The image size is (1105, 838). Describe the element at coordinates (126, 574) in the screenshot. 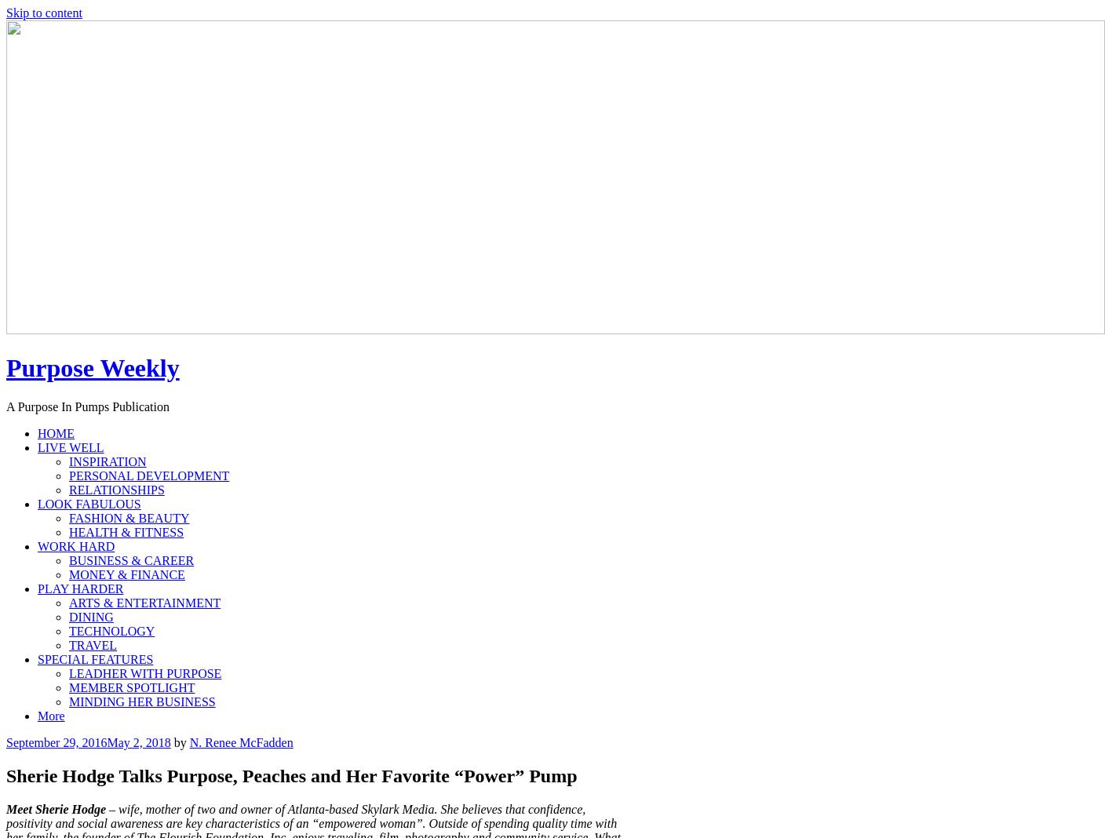

I see `'MONEY & FINANCE'` at that location.